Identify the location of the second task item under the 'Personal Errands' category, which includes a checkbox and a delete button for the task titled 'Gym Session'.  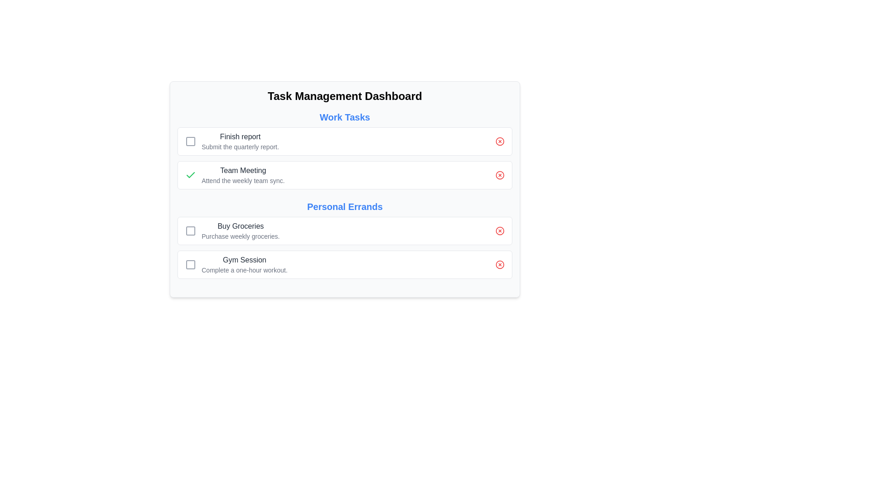
(344, 264).